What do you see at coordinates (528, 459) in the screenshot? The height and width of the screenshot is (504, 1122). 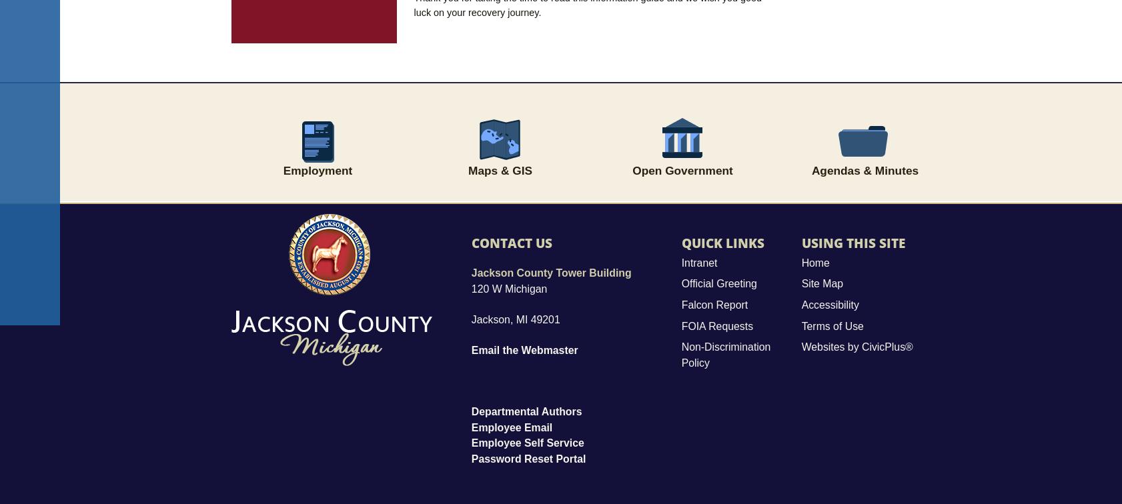 I see `'Password Reset Portal'` at bounding box center [528, 459].